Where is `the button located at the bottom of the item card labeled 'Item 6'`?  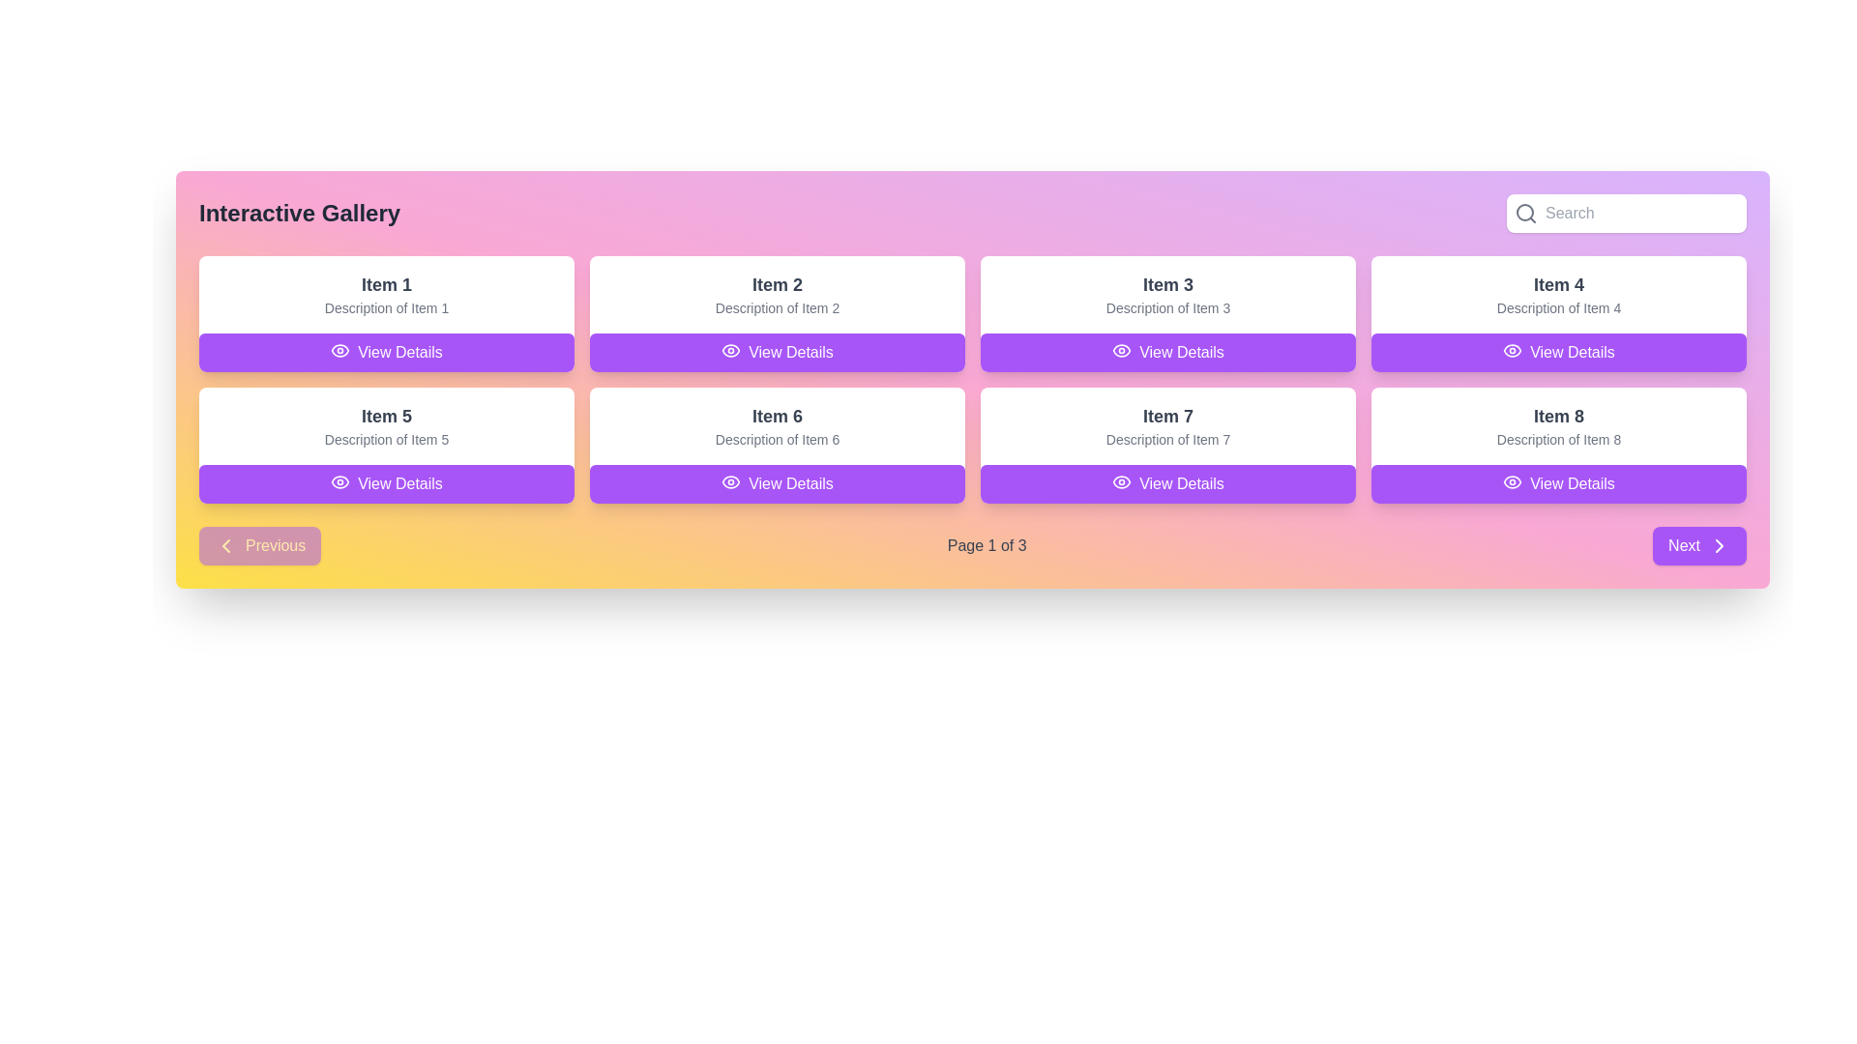
the button located at the bottom of the item card labeled 'Item 6' is located at coordinates (778, 483).